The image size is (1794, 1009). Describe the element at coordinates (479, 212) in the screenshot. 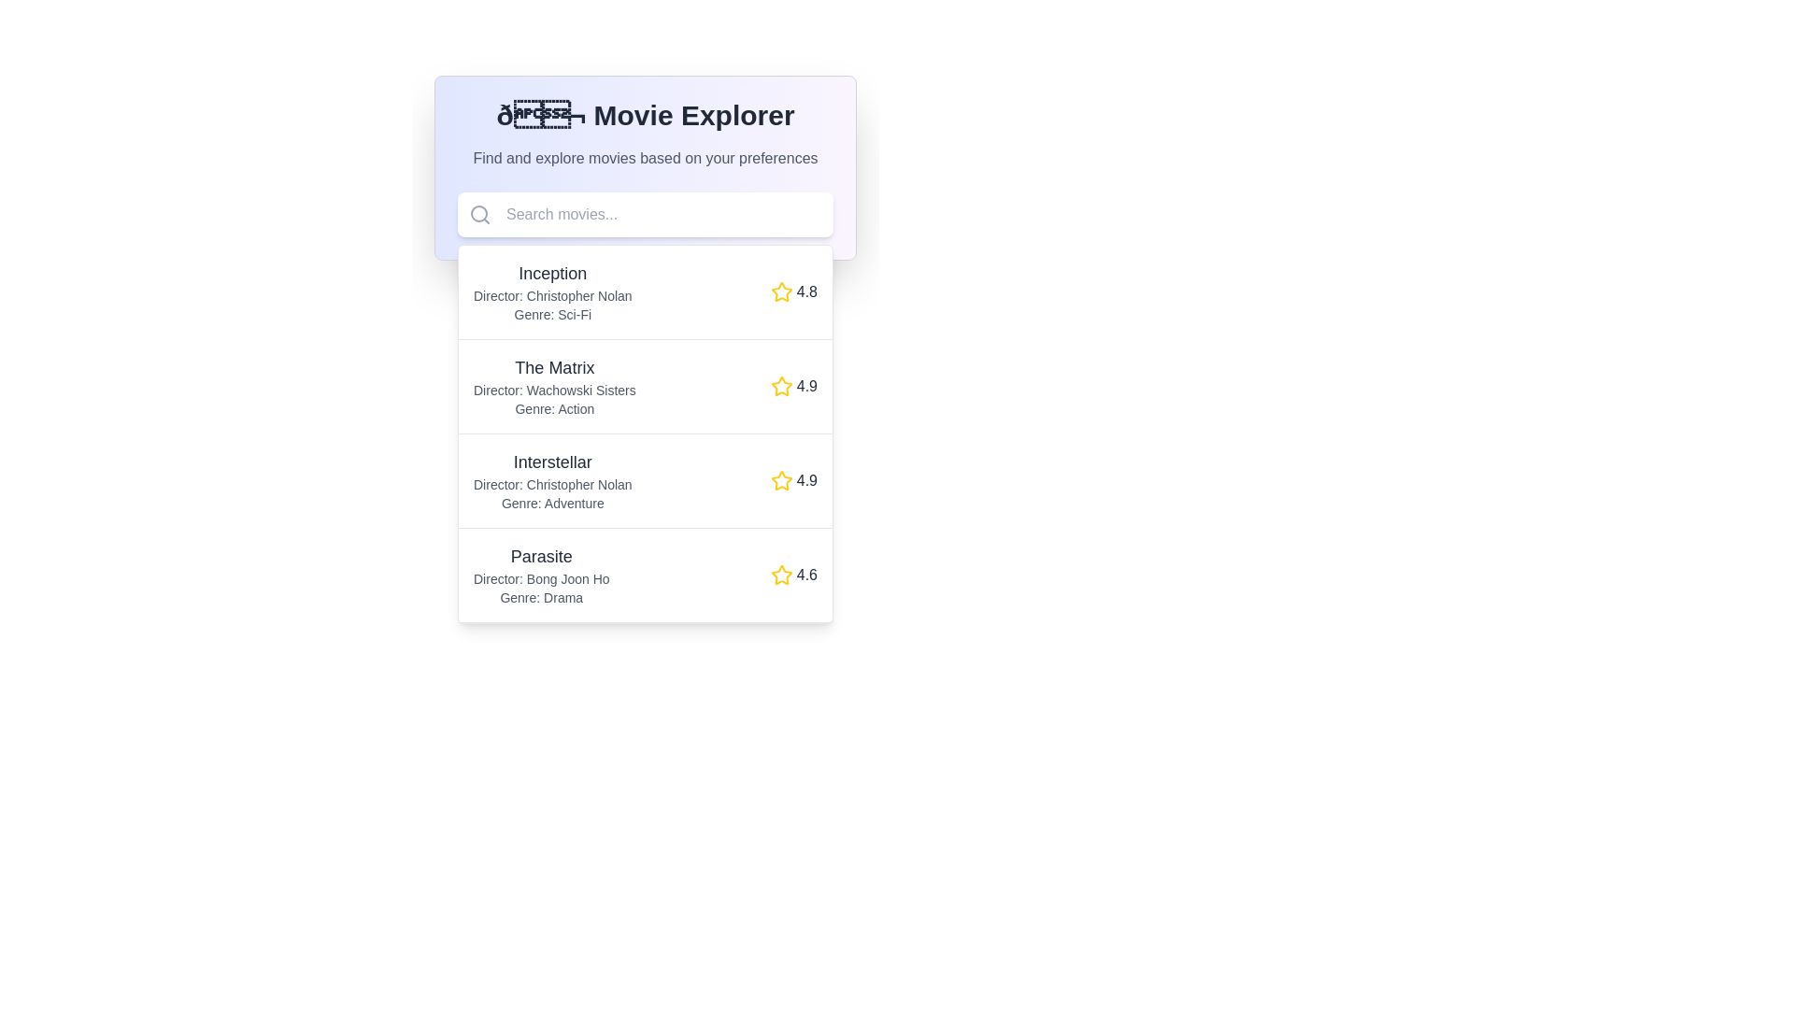

I see `the circular SVG element that is part of the search icon within the search bar, positioned near the 'Search movies...' text input` at that location.